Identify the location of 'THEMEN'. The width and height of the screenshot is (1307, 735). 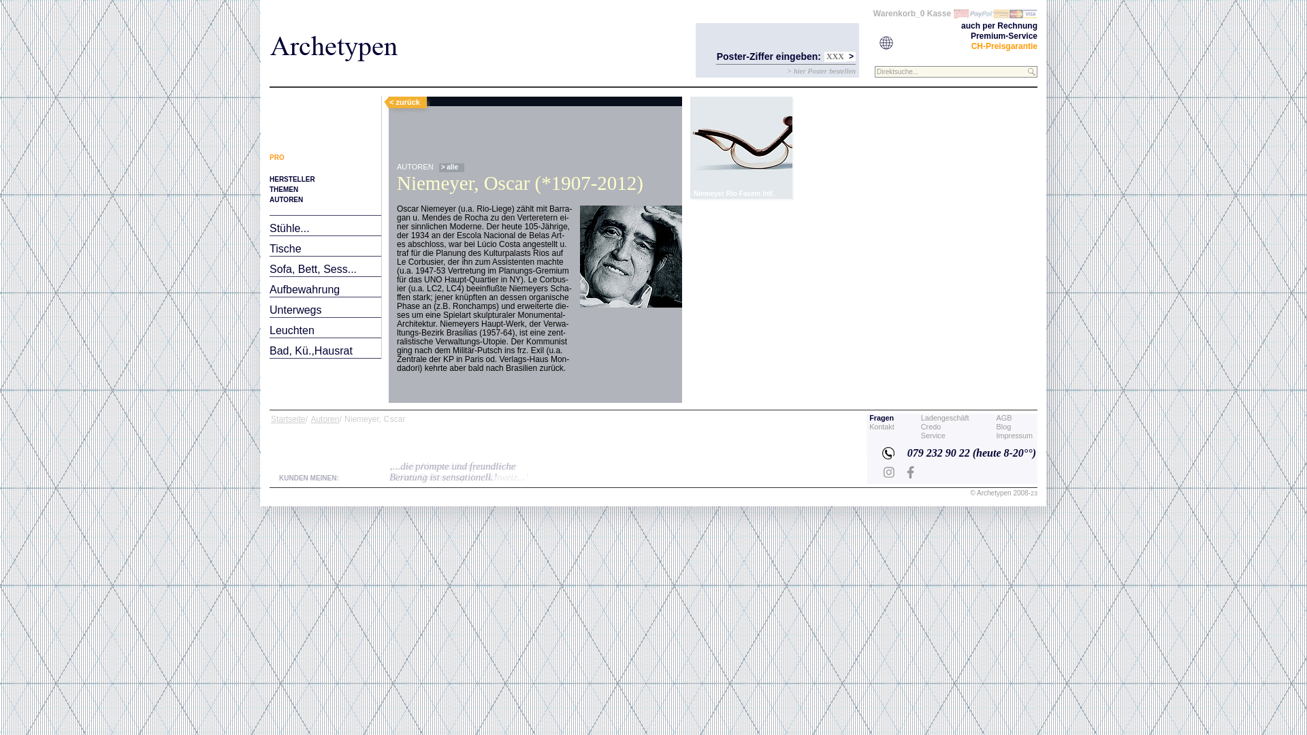
(283, 189).